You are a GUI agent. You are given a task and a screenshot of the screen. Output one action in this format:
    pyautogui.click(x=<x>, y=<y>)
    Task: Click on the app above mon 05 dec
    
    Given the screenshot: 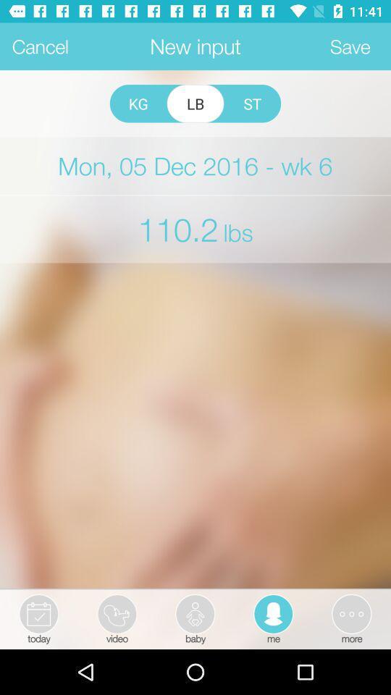 What is the action you would take?
    pyautogui.click(x=251, y=103)
    